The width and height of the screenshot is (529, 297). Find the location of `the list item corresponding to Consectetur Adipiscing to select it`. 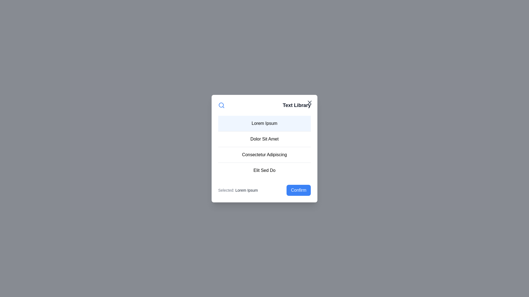

the list item corresponding to Consectetur Adipiscing to select it is located at coordinates (264, 155).